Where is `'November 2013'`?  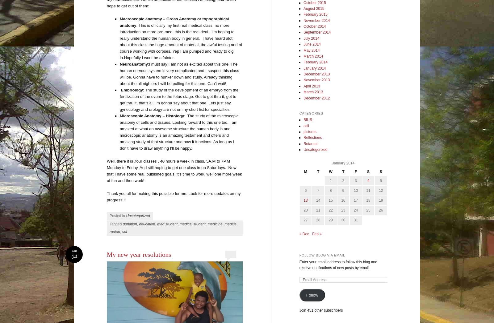
'November 2013' is located at coordinates (303, 80).